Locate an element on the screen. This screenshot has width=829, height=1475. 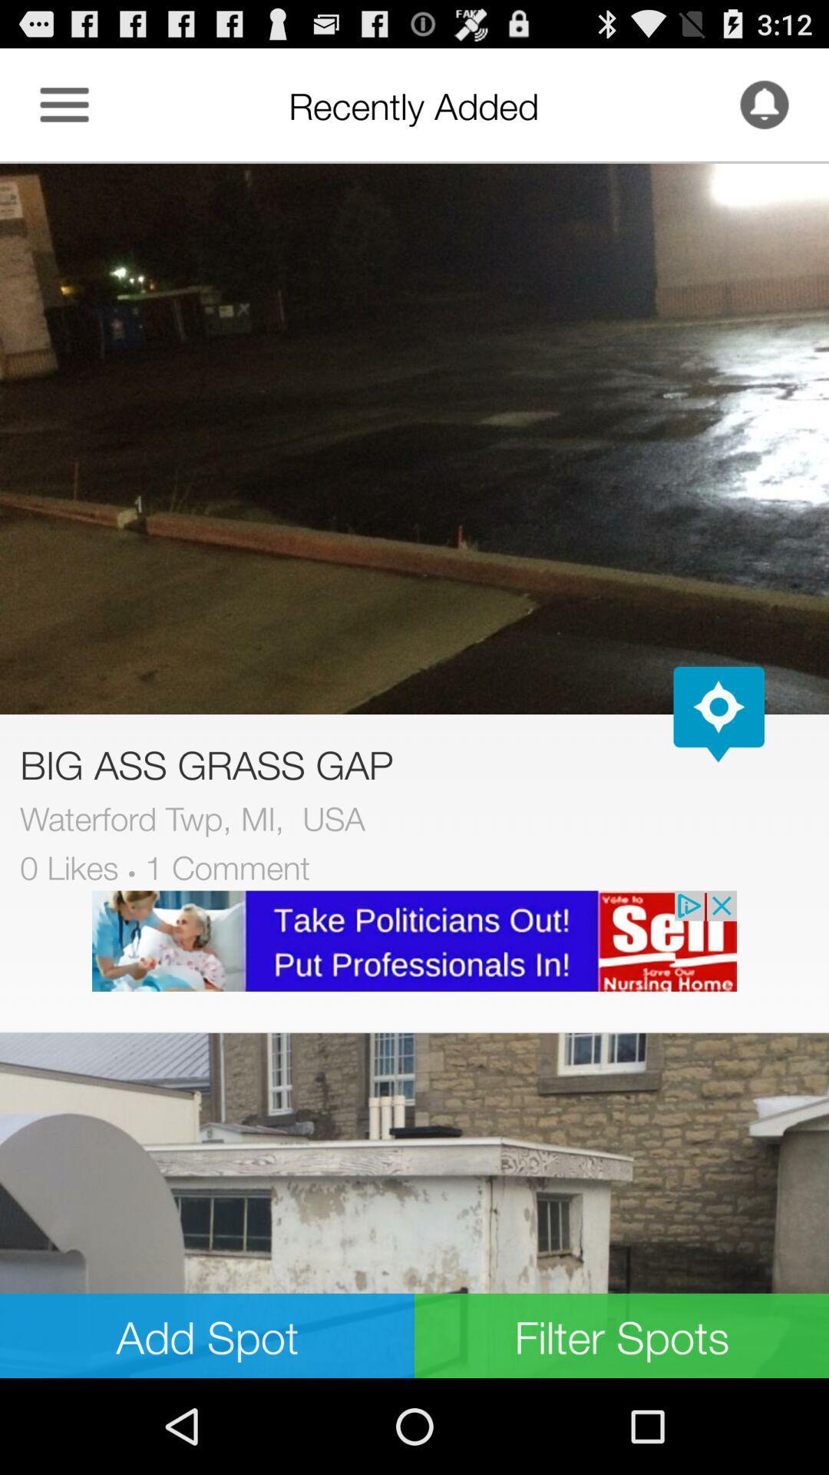
subscribe switch is located at coordinates (764, 104).